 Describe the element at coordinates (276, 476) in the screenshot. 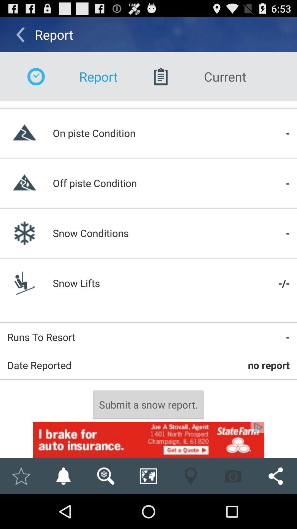

I see `share content` at that location.